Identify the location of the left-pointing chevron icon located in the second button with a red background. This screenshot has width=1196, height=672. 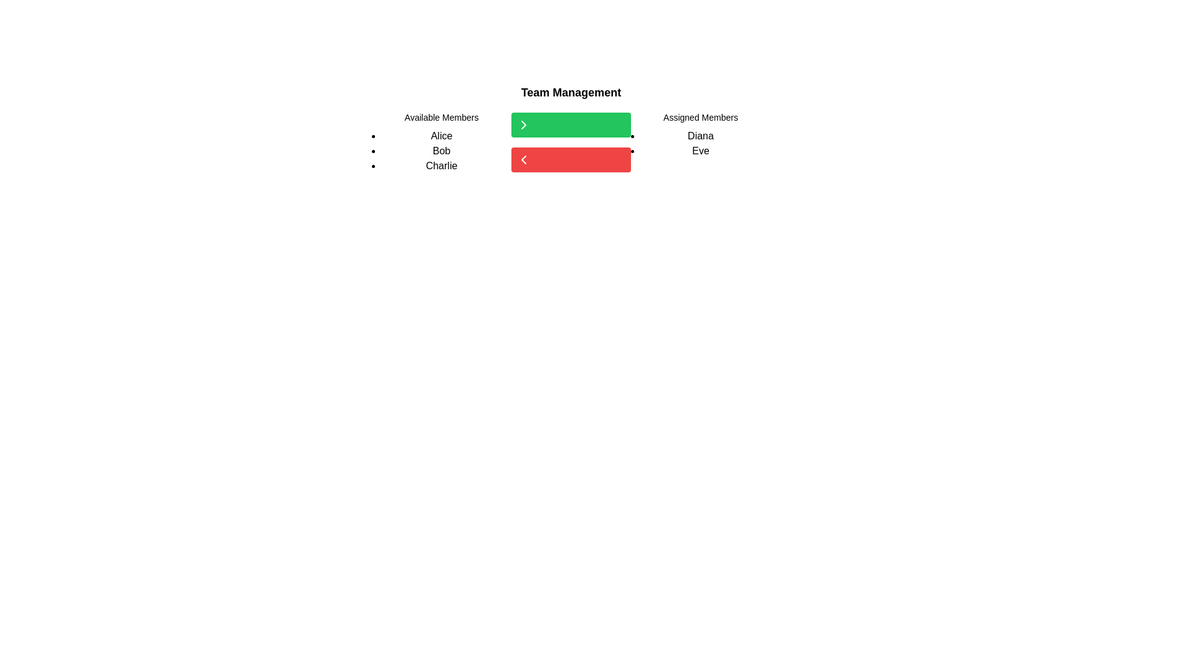
(523, 159).